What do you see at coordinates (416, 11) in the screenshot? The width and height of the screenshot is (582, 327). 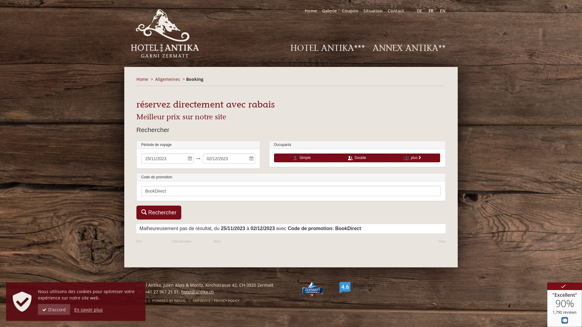 I see `'DE'` at bounding box center [416, 11].